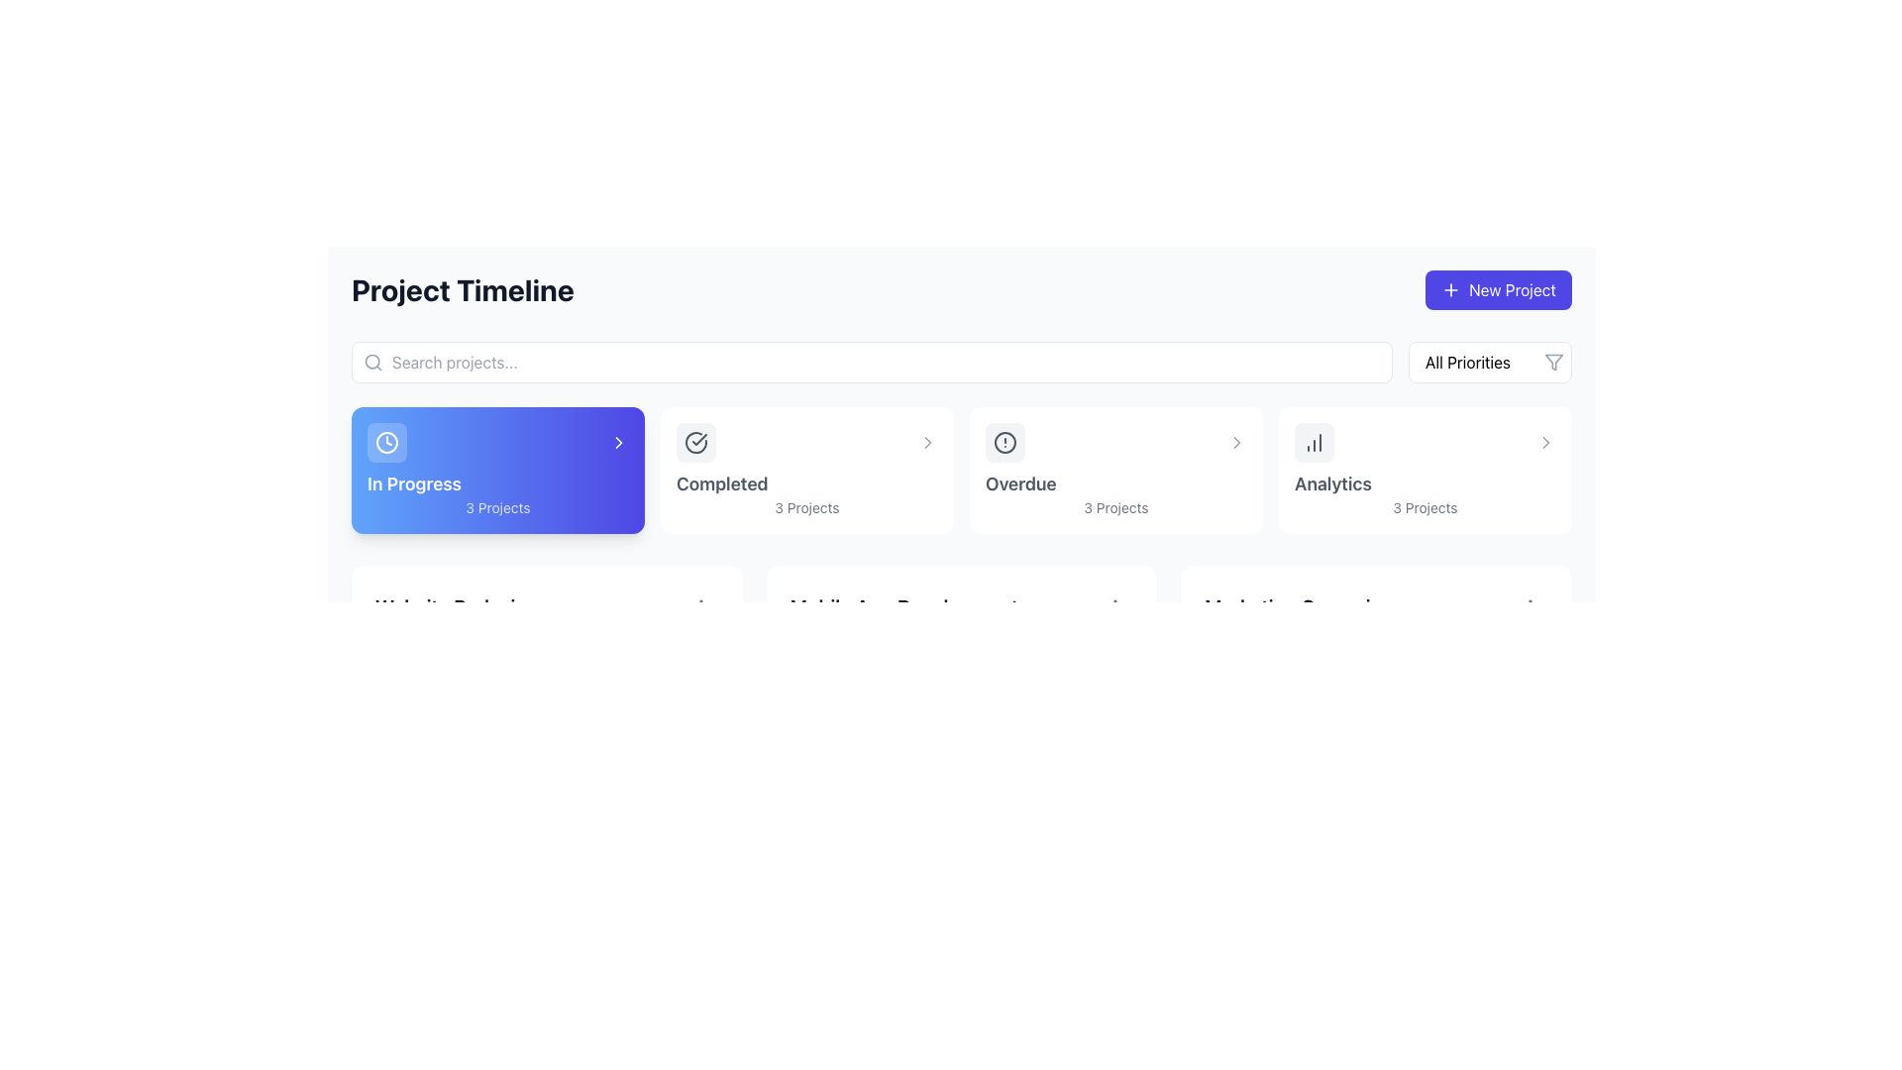 This screenshot has width=1902, height=1070. Describe the element at coordinates (1490, 363) in the screenshot. I see `the Dropdown menu with an associated icon located near the top-right corner of the interface, to the left of the '+ New Project' button` at that location.